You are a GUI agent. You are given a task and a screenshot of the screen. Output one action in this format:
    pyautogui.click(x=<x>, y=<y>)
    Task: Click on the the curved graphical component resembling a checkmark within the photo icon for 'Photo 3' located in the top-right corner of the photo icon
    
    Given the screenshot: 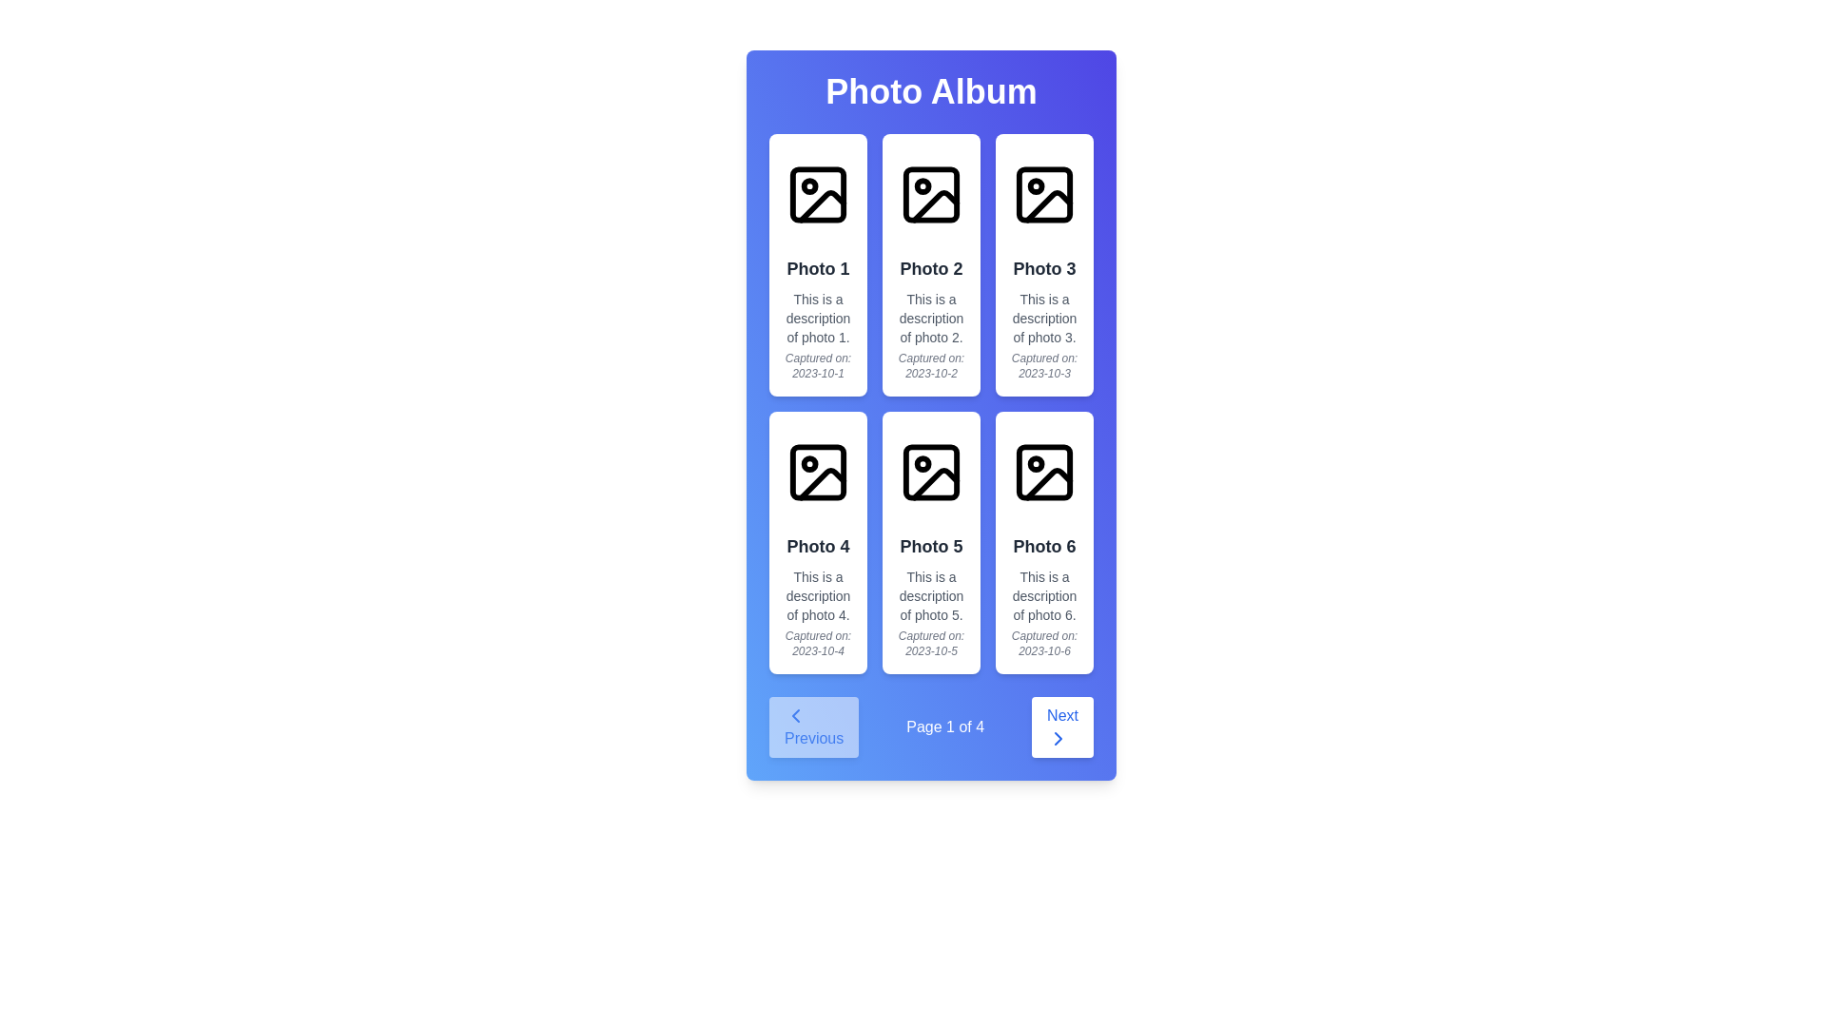 What is the action you would take?
    pyautogui.click(x=1047, y=206)
    